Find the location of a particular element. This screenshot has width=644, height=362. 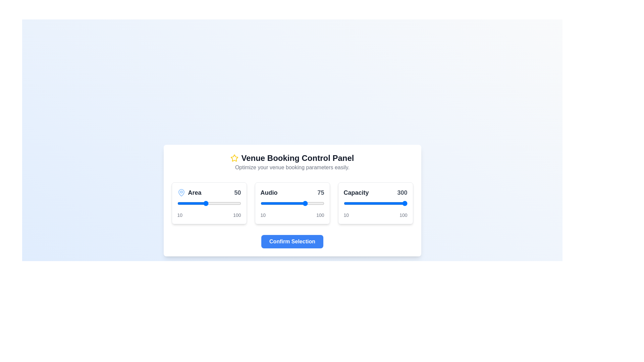

the rectangular 'Confirm Selection' button with a blue background and white text is located at coordinates (292, 241).